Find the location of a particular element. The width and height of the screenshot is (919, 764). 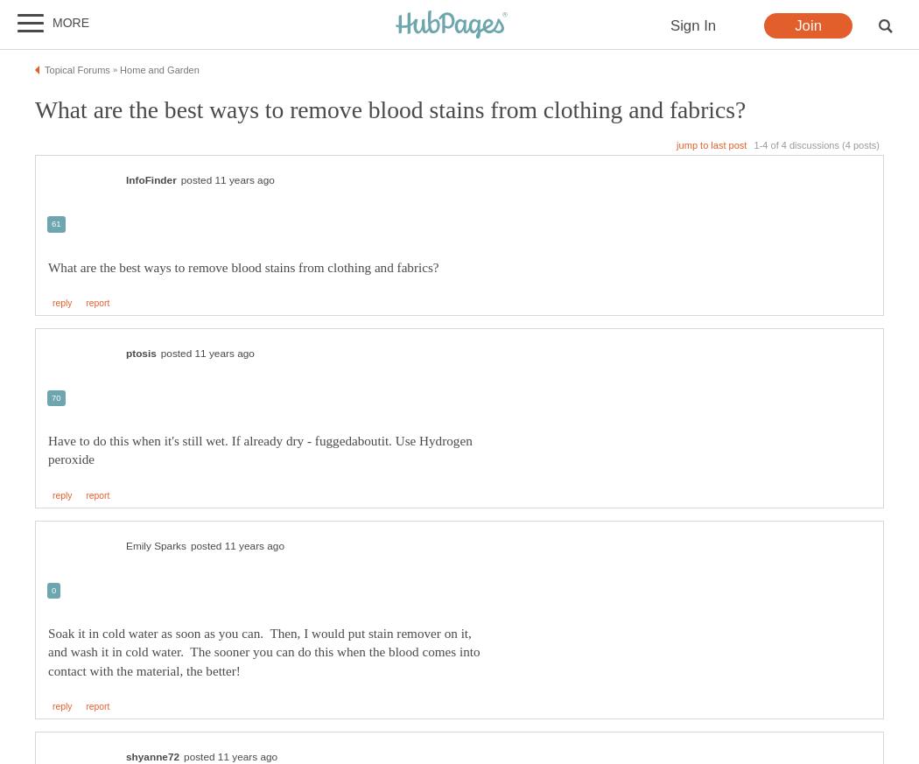

'0' is located at coordinates (53, 589).